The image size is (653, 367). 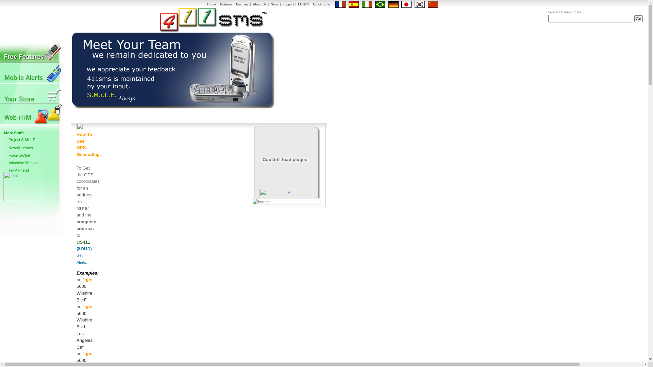 I want to click on 'en|es', so click(x=354, y=4).